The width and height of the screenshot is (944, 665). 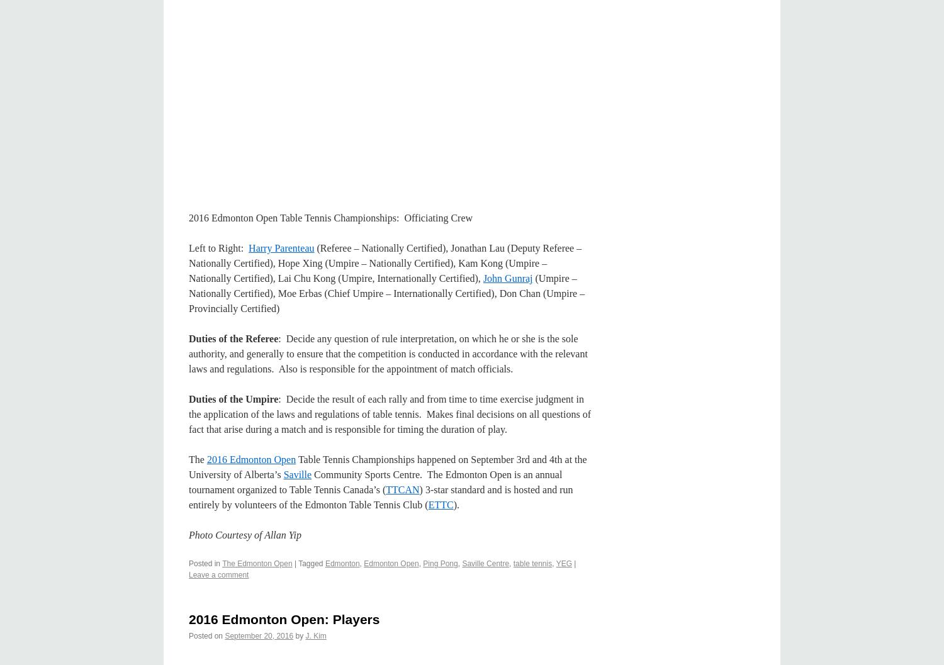 I want to click on 'TTCAN', so click(x=402, y=489).